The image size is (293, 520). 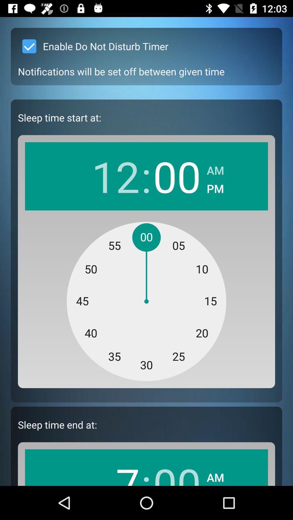 What do you see at coordinates (115, 176) in the screenshot?
I see `the 12 item` at bounding box center [115, 176].